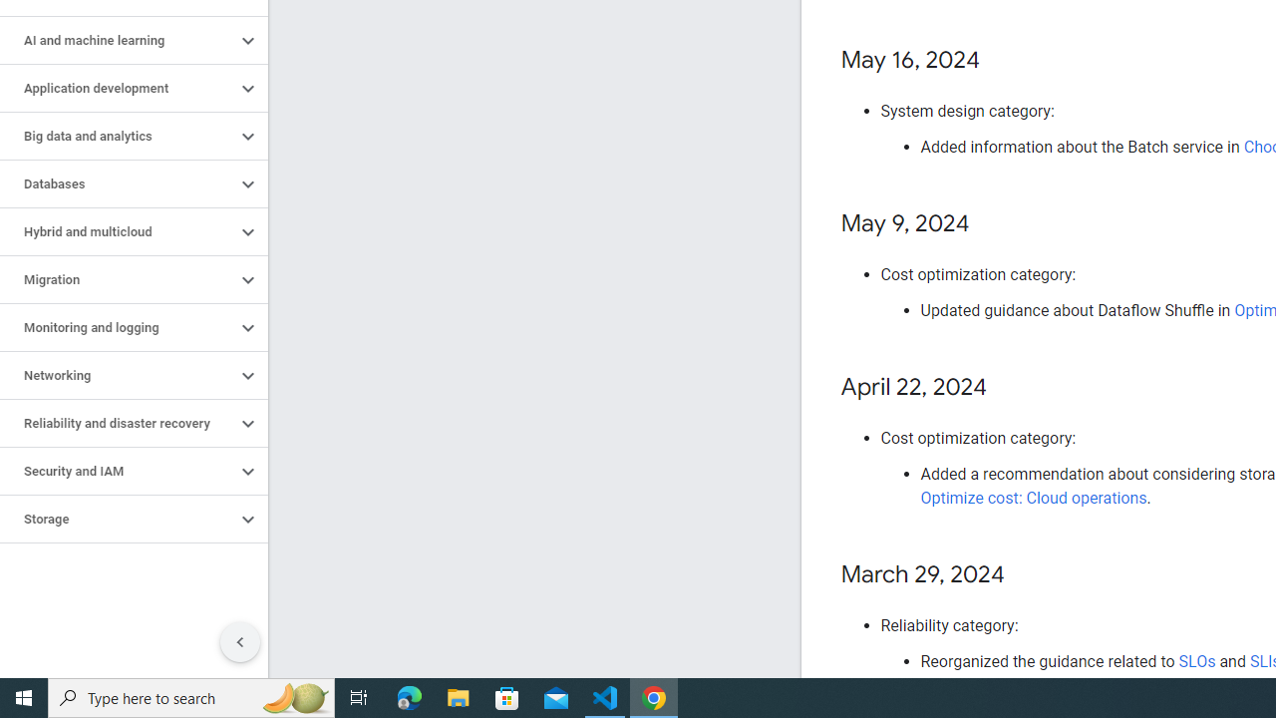 Image resolution: width=1276 pixels, height=718 pixels. Describe the element at coordinates (117, 472) in the screenshot. I see `'Security and IAM'` at that location.